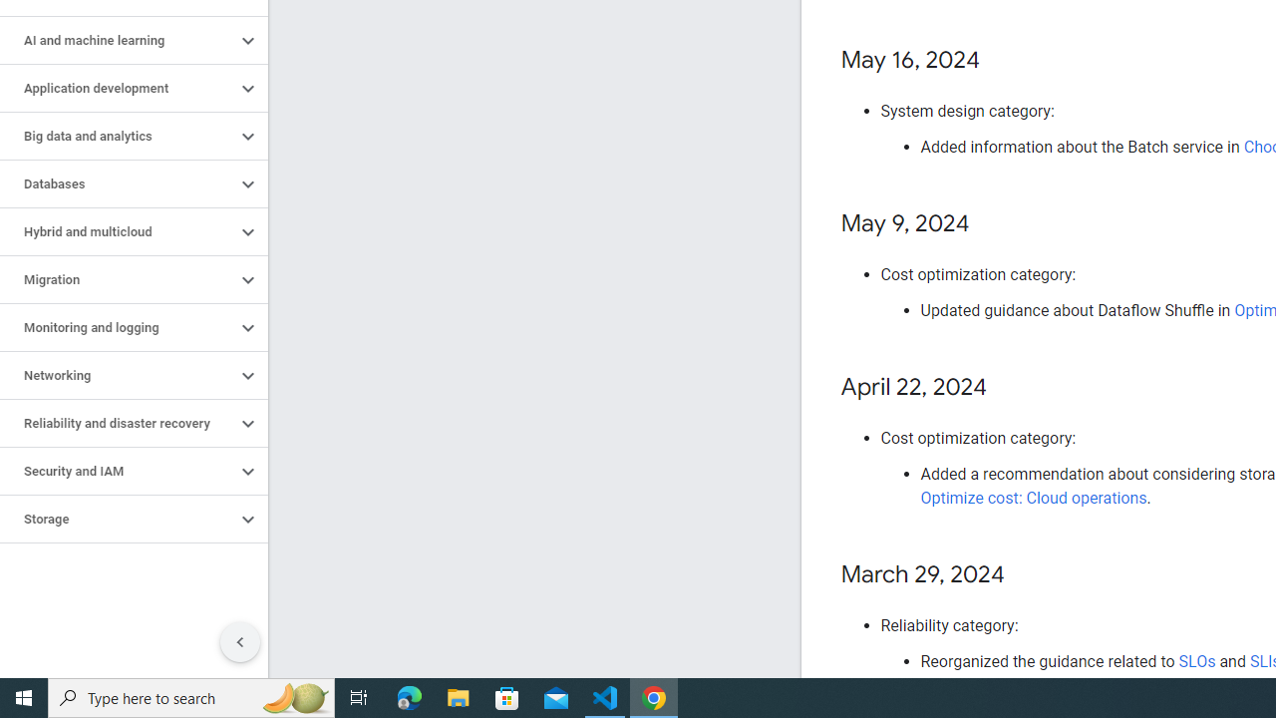 Image resolution: width=1276 pixels, height=718 pixels. Describe the element at coordinates (117, 472) in the screenshot. I see `'Security and IAM'` at that location.